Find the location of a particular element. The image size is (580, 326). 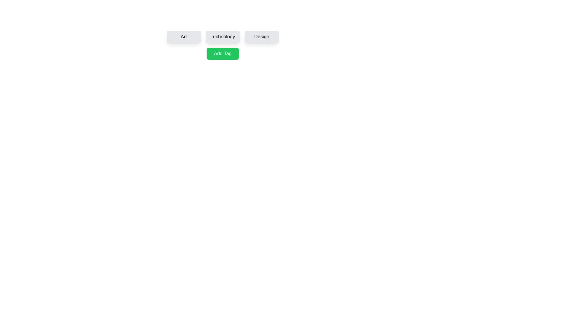

the tag labeled Art to select it is located at coordinates (183, 37).